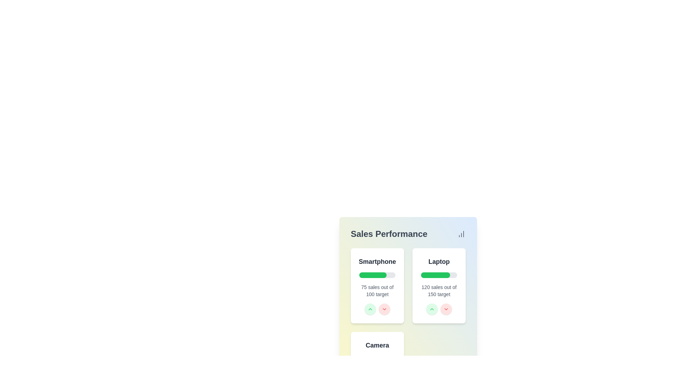  I want to click on the upward adjustment icon within the button in the 'Sales Performance' section related to 'Laptop' sales metrics, so click(432, 309).